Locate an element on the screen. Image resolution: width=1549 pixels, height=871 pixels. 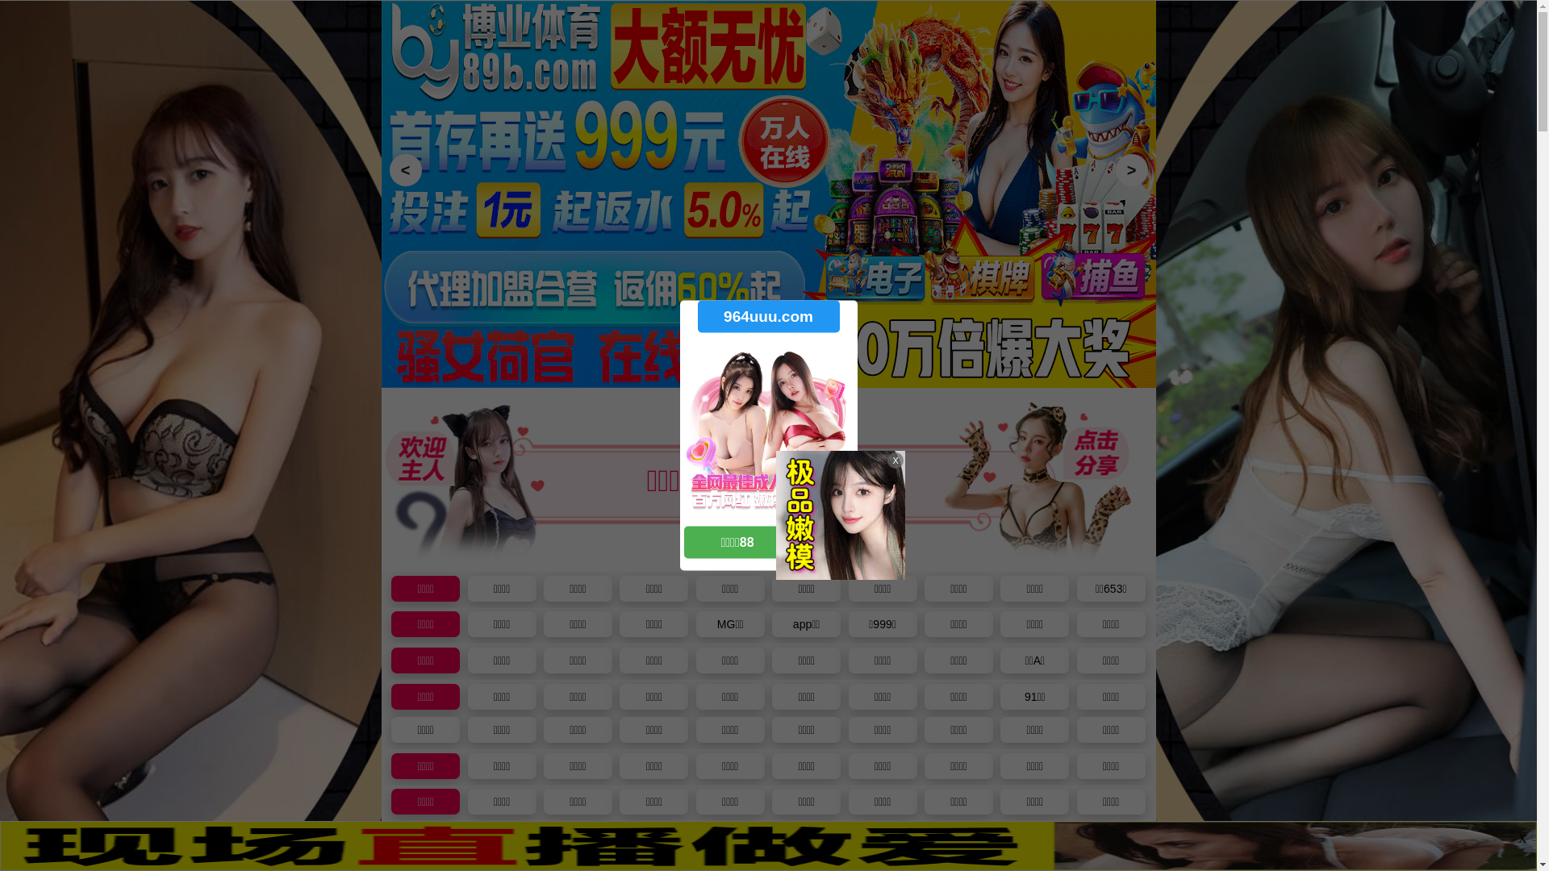
'X' is located at coordinates (1521, 839).